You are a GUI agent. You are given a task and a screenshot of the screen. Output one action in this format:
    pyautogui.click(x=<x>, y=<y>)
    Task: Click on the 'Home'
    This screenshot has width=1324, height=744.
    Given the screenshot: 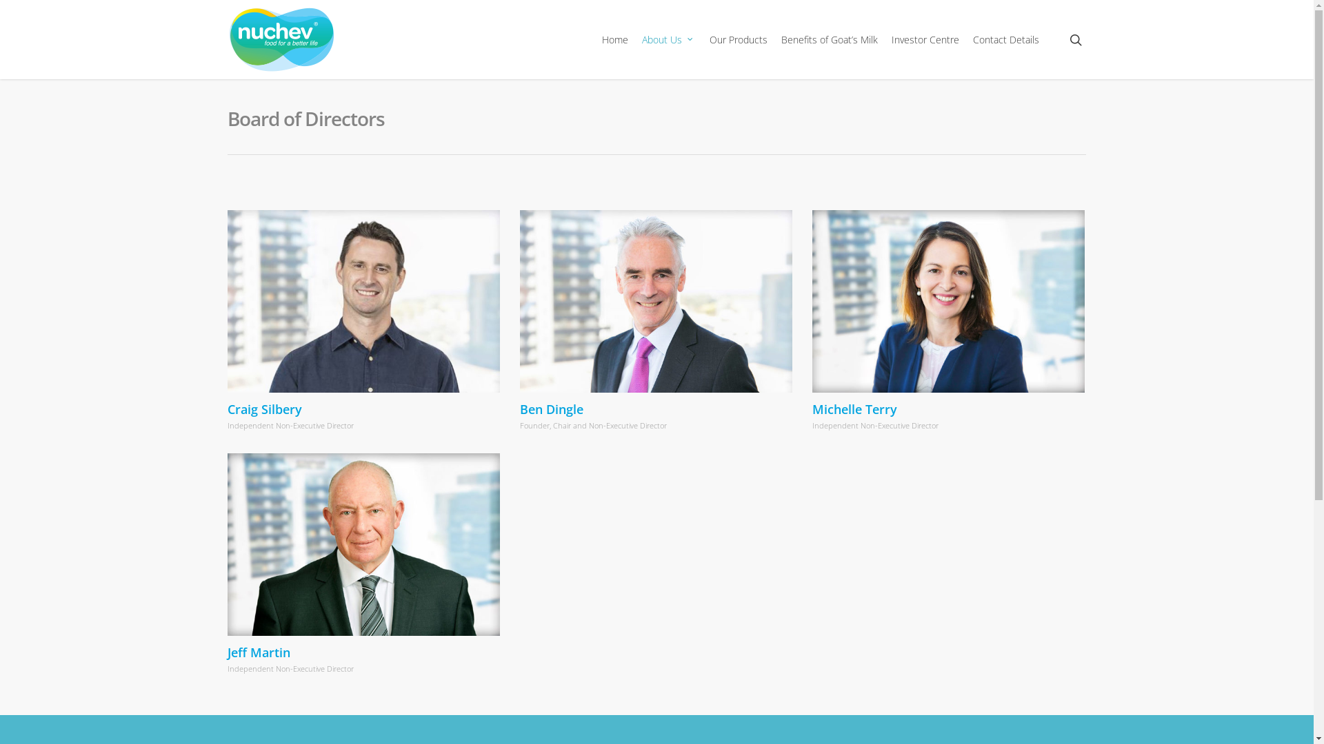 What is the action you would take?
    pyautogui.click(x=614, y=39)
    